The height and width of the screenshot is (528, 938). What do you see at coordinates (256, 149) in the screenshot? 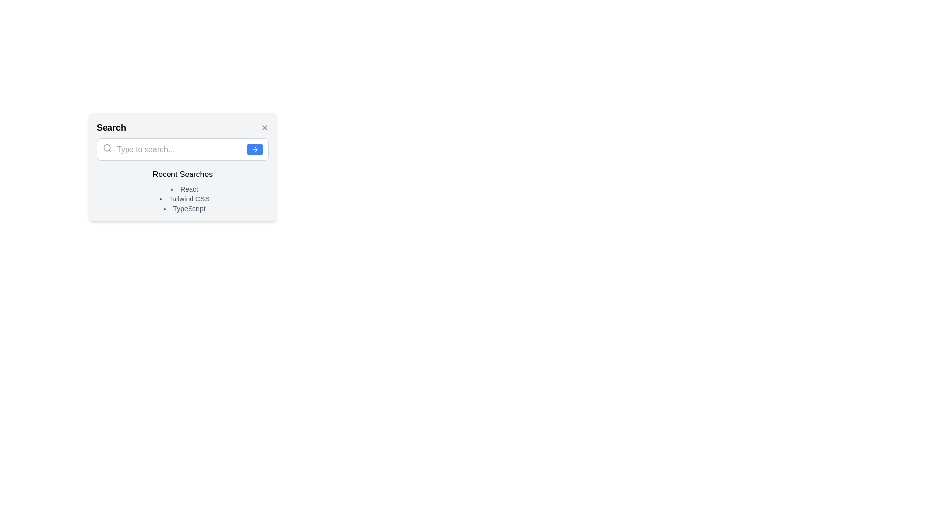
I see `the Right-Arrow icon located on the right side of the search bar, which represents an action for progressing or confirming` at bounding box center [256, 149].